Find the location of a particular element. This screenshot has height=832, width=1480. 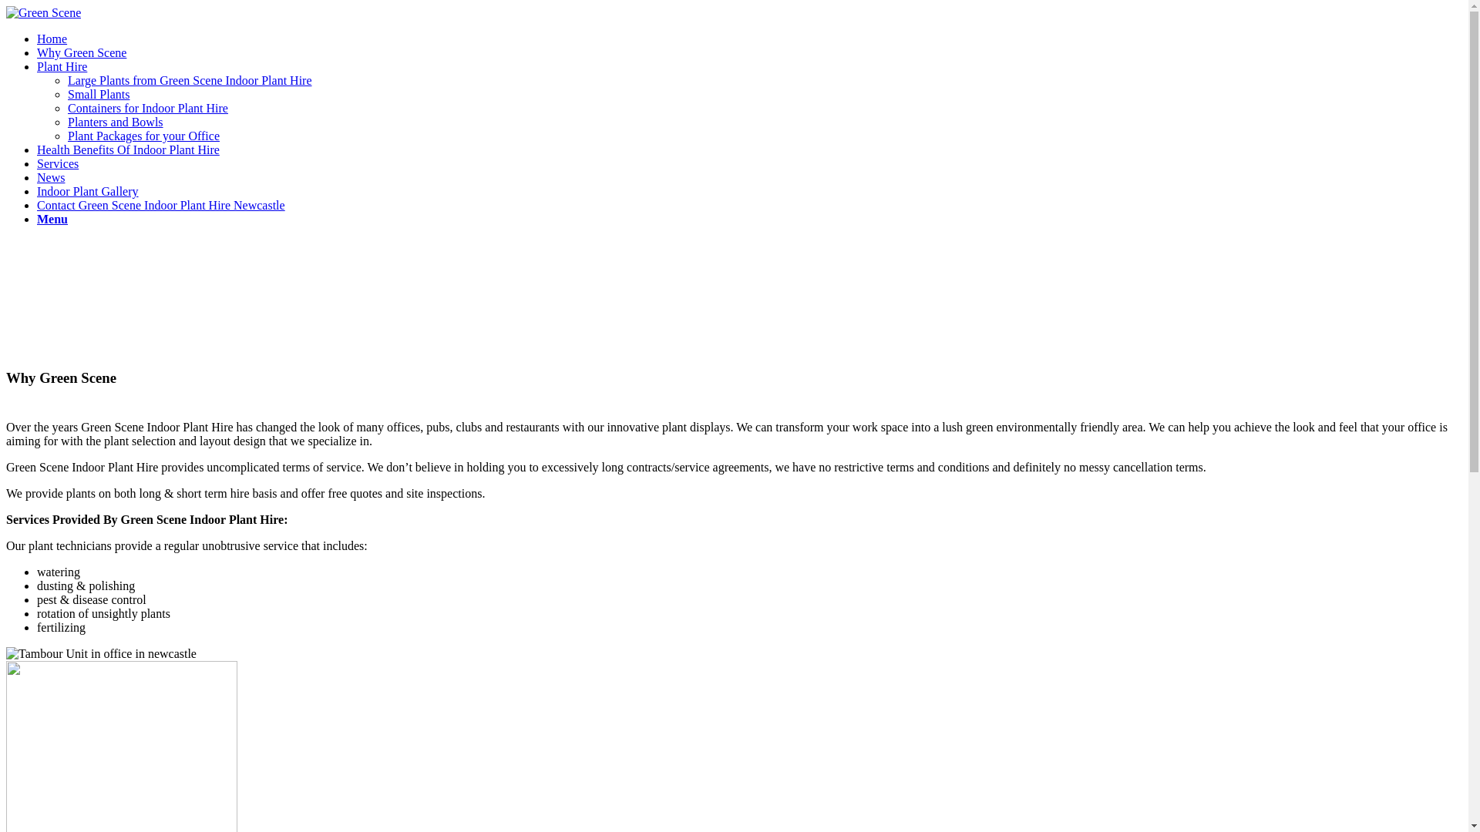

'Menu' is located at coordinates (52, 219).